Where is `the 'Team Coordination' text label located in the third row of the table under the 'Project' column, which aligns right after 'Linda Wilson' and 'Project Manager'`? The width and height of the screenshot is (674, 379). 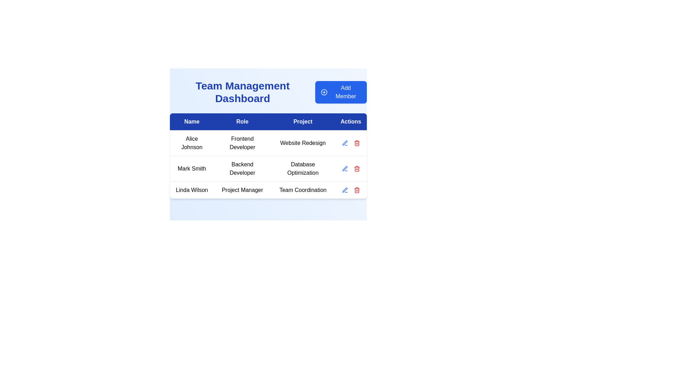
the 'Team Coordination' text label located in the third row of the table under the 'Project' column, which aligns right after 'Linda Wilson' and 'Project Manager' is located at coordinates (303, 190).